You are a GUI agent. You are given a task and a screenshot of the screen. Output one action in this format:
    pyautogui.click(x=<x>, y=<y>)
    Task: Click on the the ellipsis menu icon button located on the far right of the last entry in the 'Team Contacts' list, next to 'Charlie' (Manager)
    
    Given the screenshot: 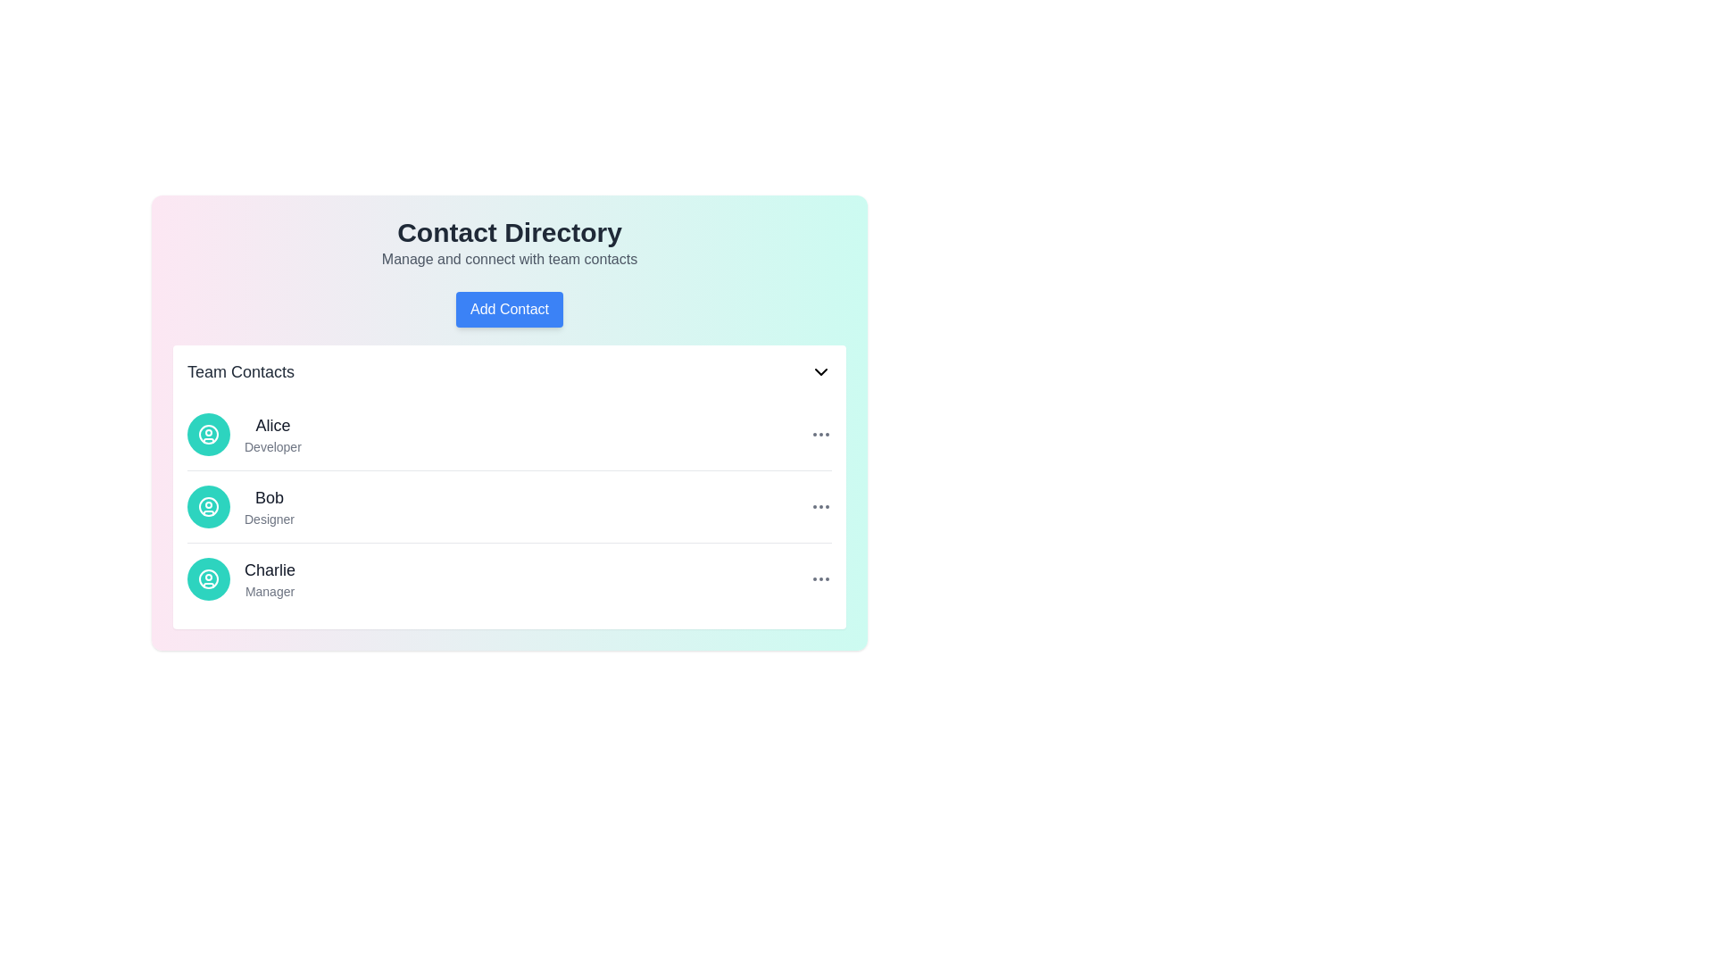 What is the action you would take?
    pyautogui.click(x=820, y=578)
    